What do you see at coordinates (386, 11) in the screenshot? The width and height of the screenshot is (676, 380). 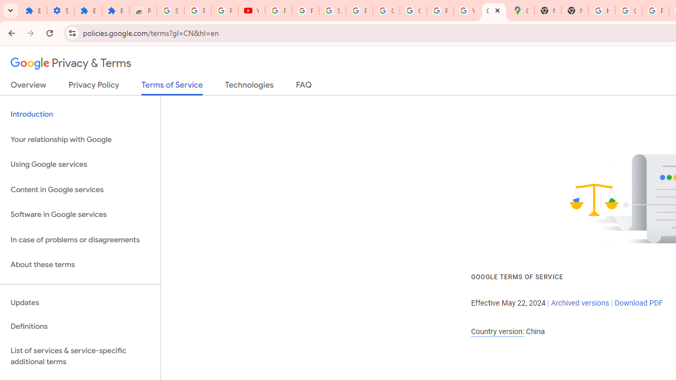 I see `'Google Account'` at bounding box center [386, 11].